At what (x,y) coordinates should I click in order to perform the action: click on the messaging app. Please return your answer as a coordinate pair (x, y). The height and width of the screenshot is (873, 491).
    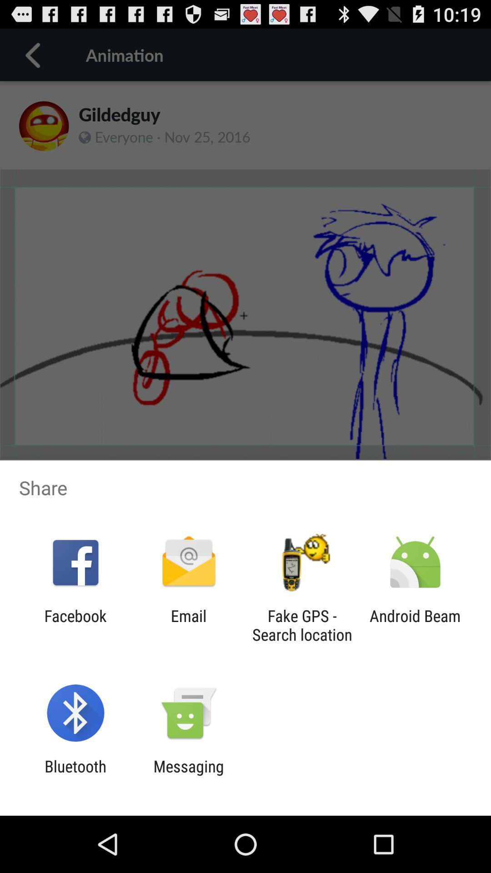
    Looking at the image, I should click on (188, 775).